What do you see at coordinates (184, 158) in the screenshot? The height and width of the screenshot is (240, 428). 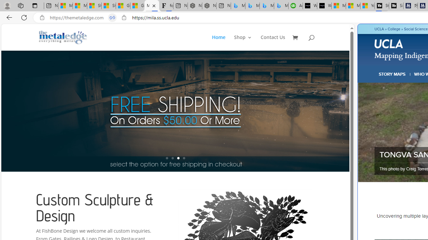 I see `'4'` at bounding box center [184, 158].